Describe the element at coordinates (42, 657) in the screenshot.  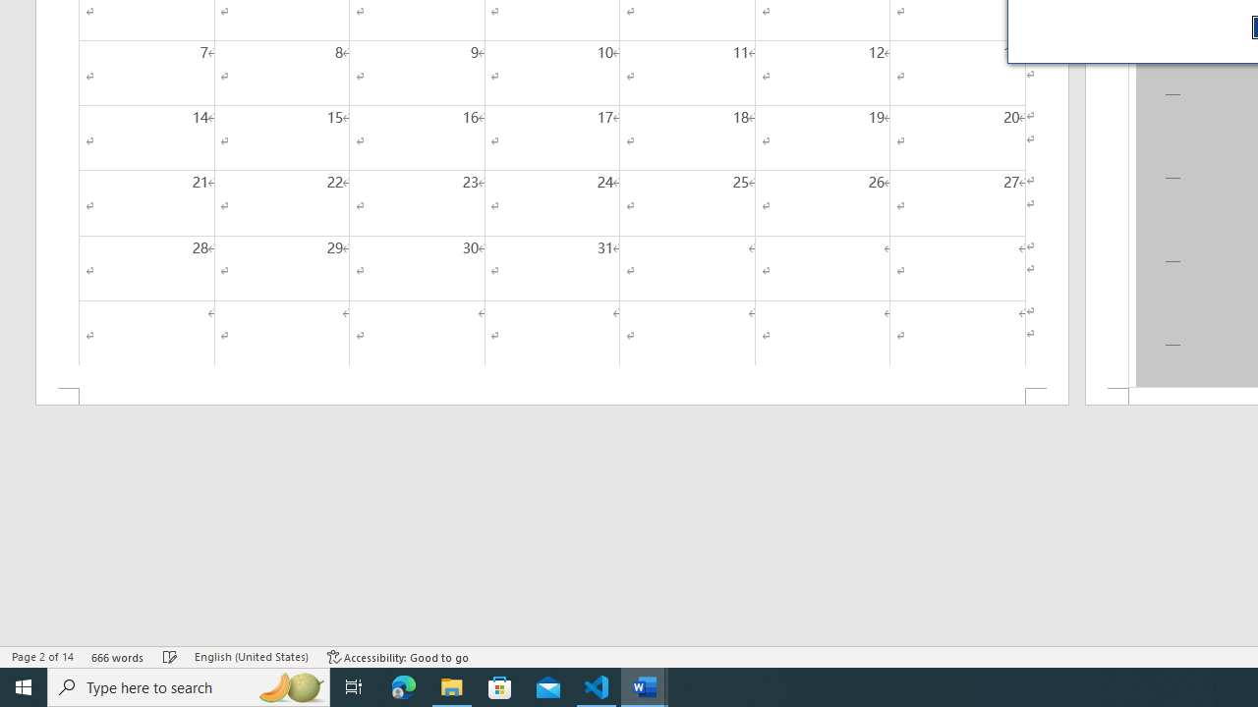
I see `'Page Number Page 2 of 14'` at that location.